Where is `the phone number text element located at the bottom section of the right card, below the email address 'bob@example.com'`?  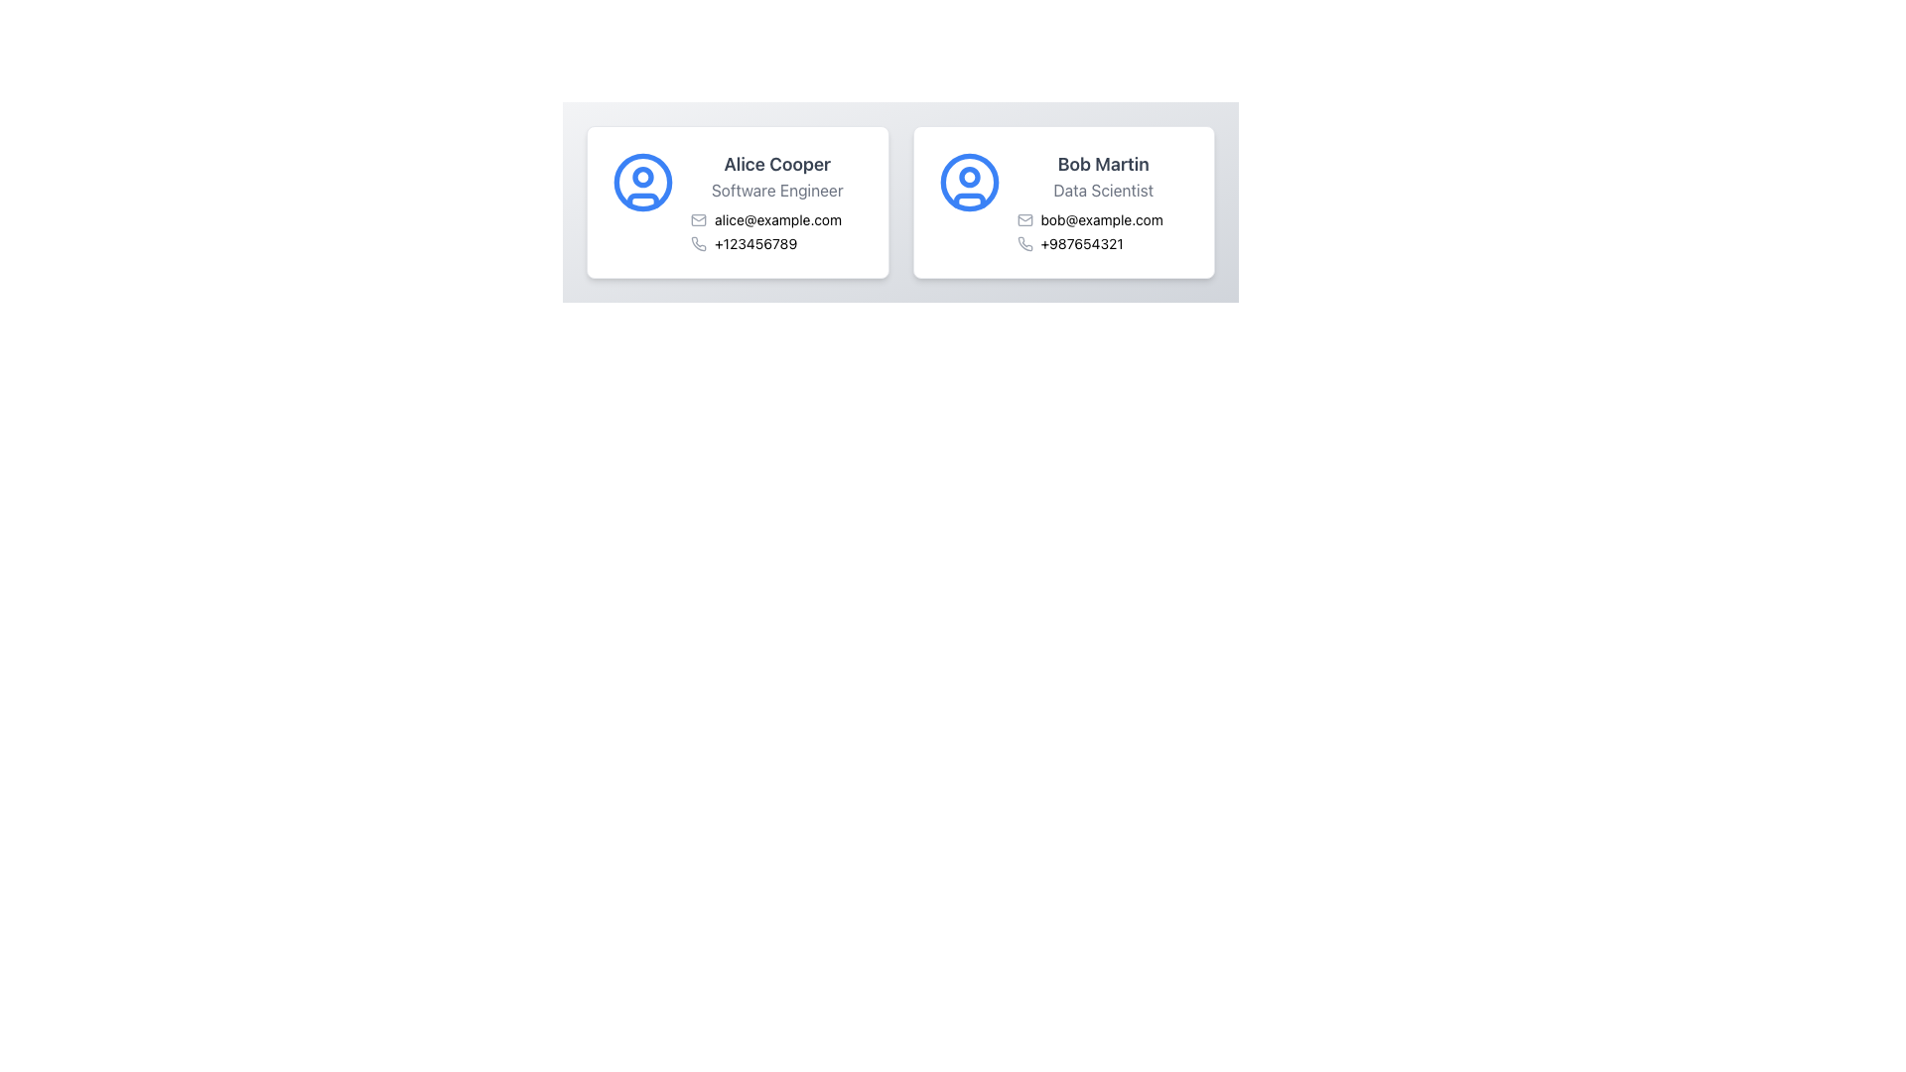
the phone number text element located at the bottom section of the right card, below the email address 'bob@example.com' is located at coordinates (1102, 243).